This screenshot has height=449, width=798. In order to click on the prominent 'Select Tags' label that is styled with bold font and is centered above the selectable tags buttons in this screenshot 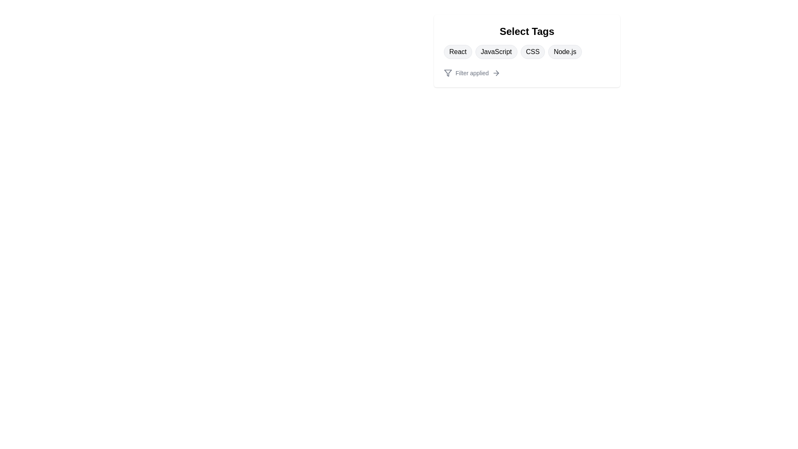, I will do `click(526, 31)`.